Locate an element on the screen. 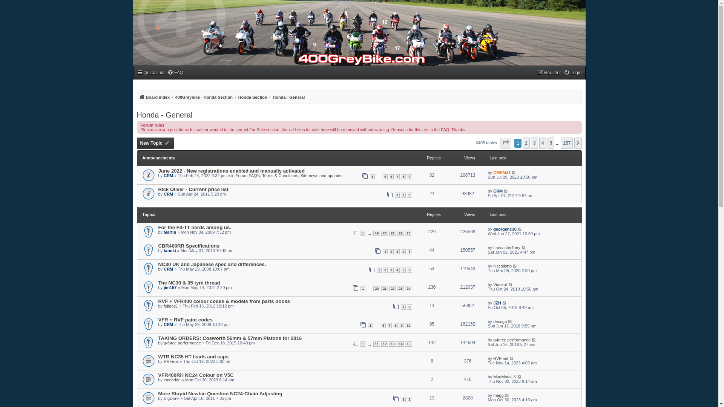 This screenshot has height=407, width=724. 'Login' is located at coordinates (572, 73).